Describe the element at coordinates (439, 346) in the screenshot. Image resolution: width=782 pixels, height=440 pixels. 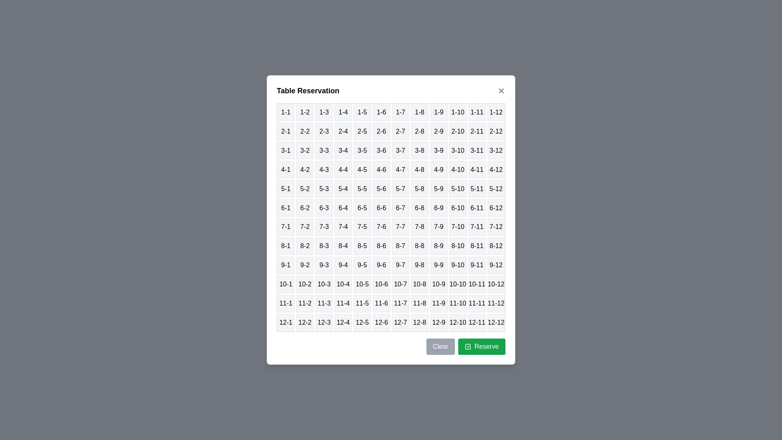
I see `the 'Clear' button to clear the current selection` at that location.